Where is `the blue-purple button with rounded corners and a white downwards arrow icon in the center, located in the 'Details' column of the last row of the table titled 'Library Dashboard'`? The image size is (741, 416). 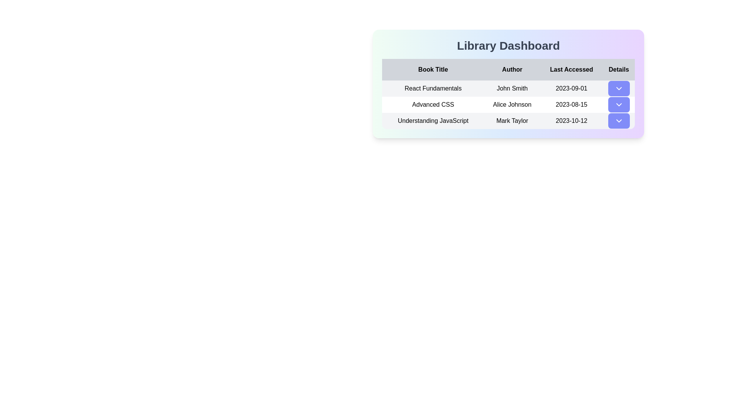 the blue-purple button with rounded corners and a white downwards arrow icon in the center, located in the 'Details' column of the last row of the table titled 'Library Dashboard' is located at coordinates (619, 121).